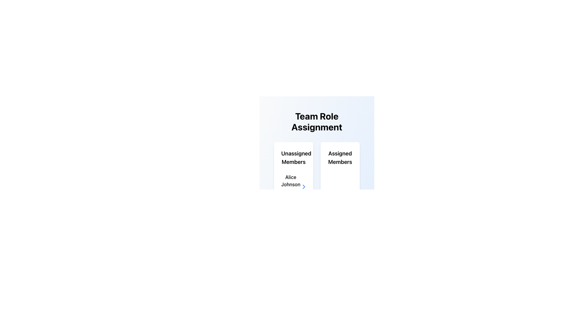 The width and height of the screenshot is (580, 326). Describe the element at coordinates (304, 186) in the screenshot. I see `the interactive button icon positioned to the right of 'Alice Johnson' in the 'Unassigned Members' card under 'Team Role Assignment'` at that location.